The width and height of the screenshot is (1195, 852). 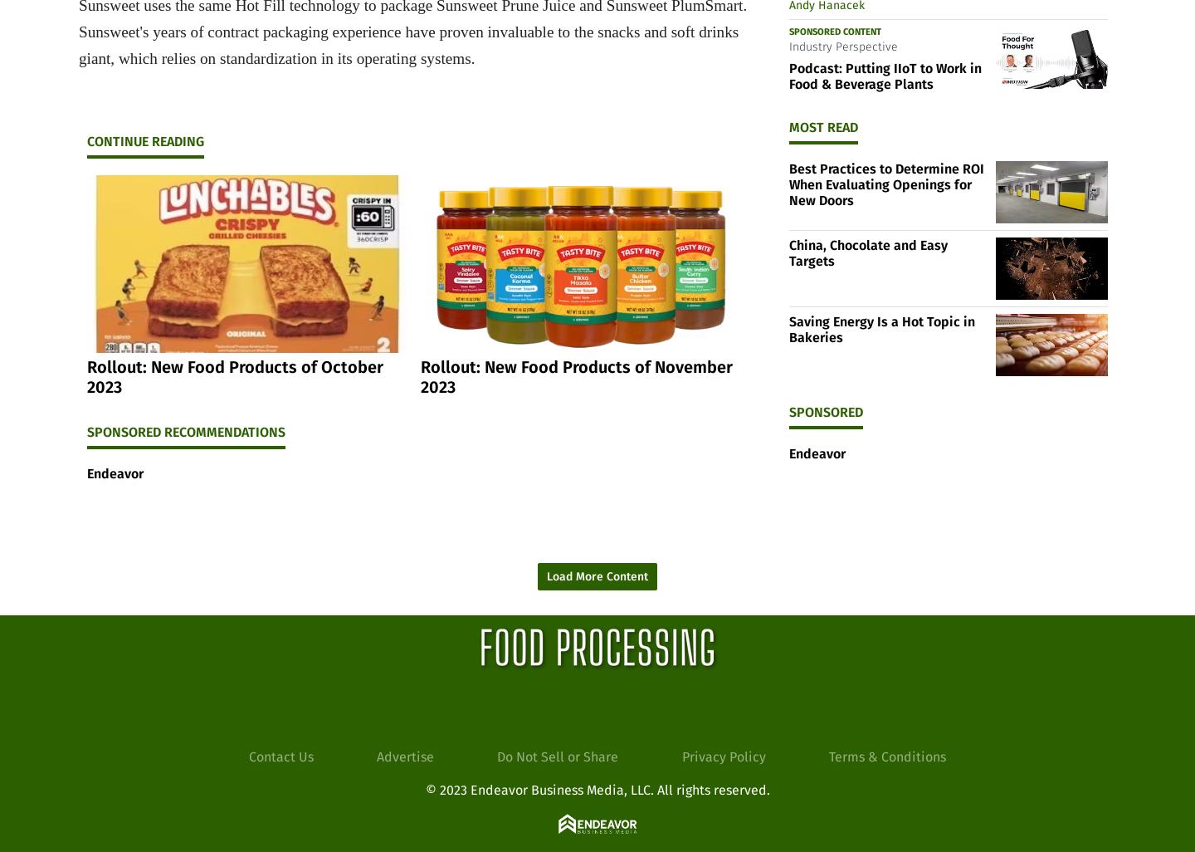 I want to click on '© 2023 Endeavor Business Media, LLC. All rights reserved.', so click(x=597, y=789).